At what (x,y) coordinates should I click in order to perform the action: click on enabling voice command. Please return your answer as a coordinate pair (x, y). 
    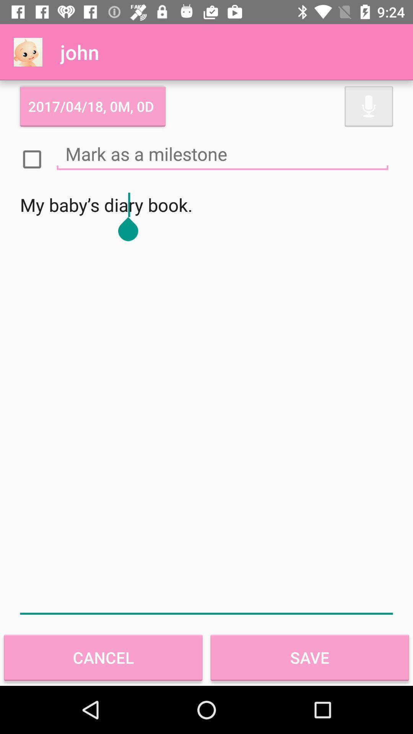
    Looking at the image, I should click on (368, 106).